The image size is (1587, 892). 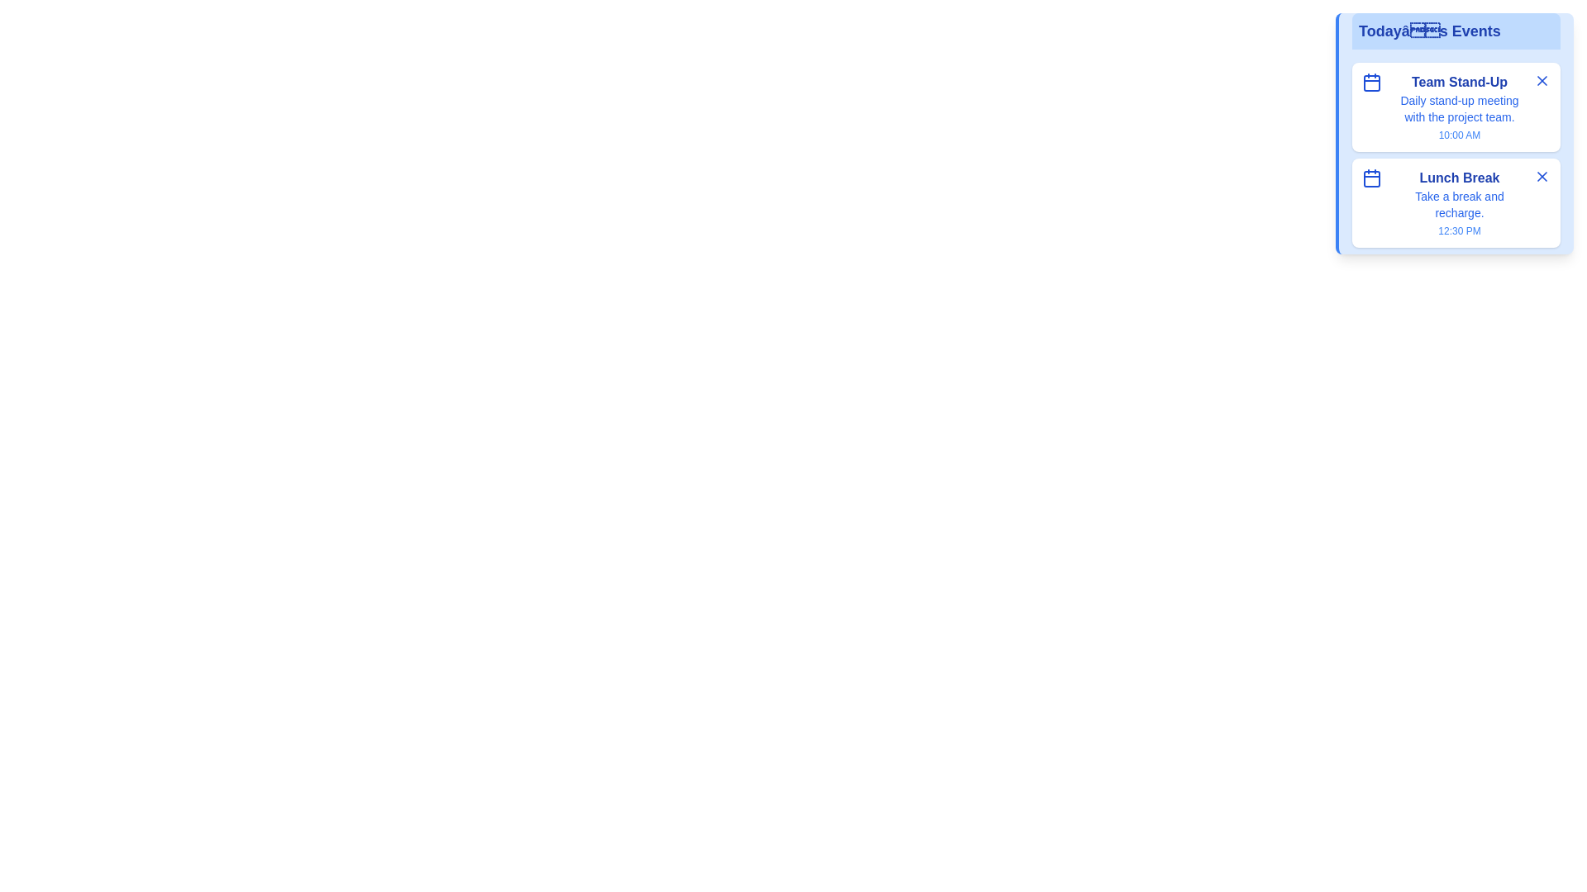 I want to click on the event titled 'Team Stand-Up' to view its details, so click(x=1460, y=83).